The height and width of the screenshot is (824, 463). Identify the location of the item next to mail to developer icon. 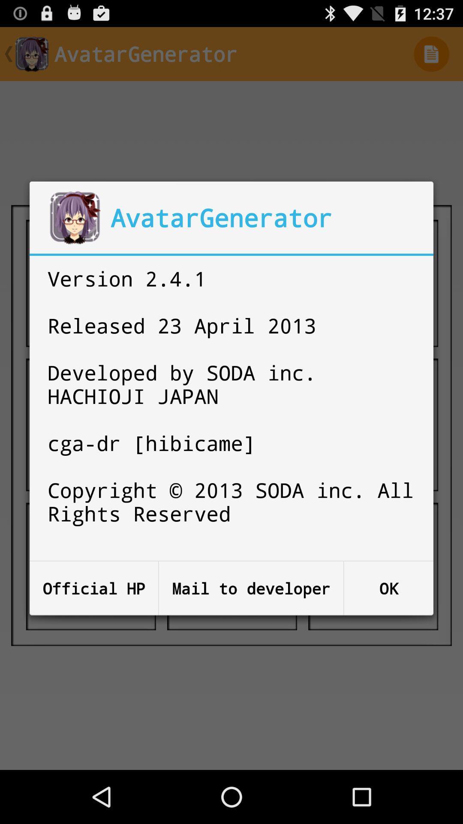
(388, 588).